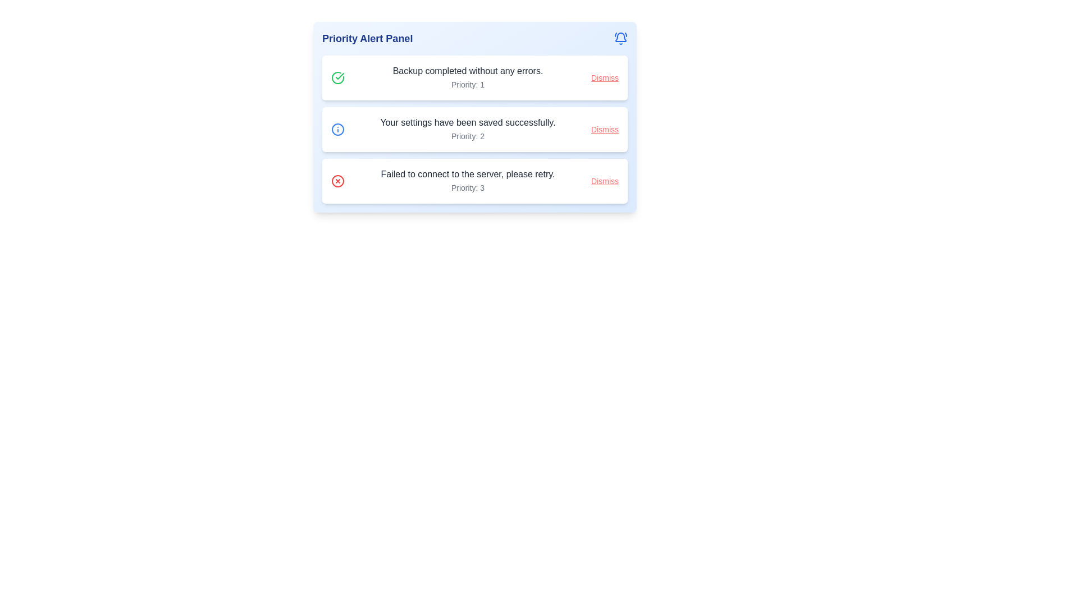 The height and width of the screenshot is (606, 1078). What do you see at coordinates (468, 187) in the screenshot?
I see `priority level label located under the main message 'Failed to connect to the server, please retry.' in the third alert entry of the 'Priority Alert Panel'` at bounding box center [468, 187].